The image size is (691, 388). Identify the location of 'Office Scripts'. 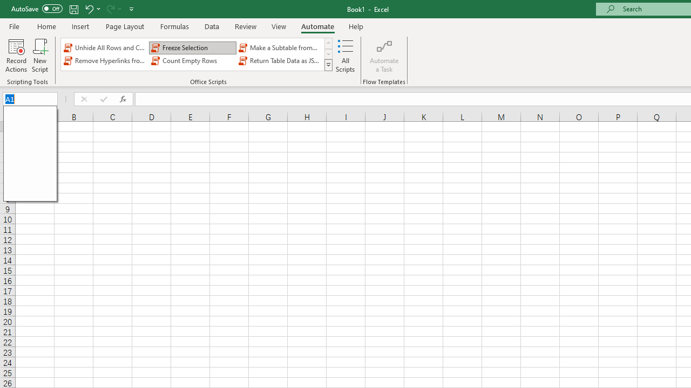
(328, 65).